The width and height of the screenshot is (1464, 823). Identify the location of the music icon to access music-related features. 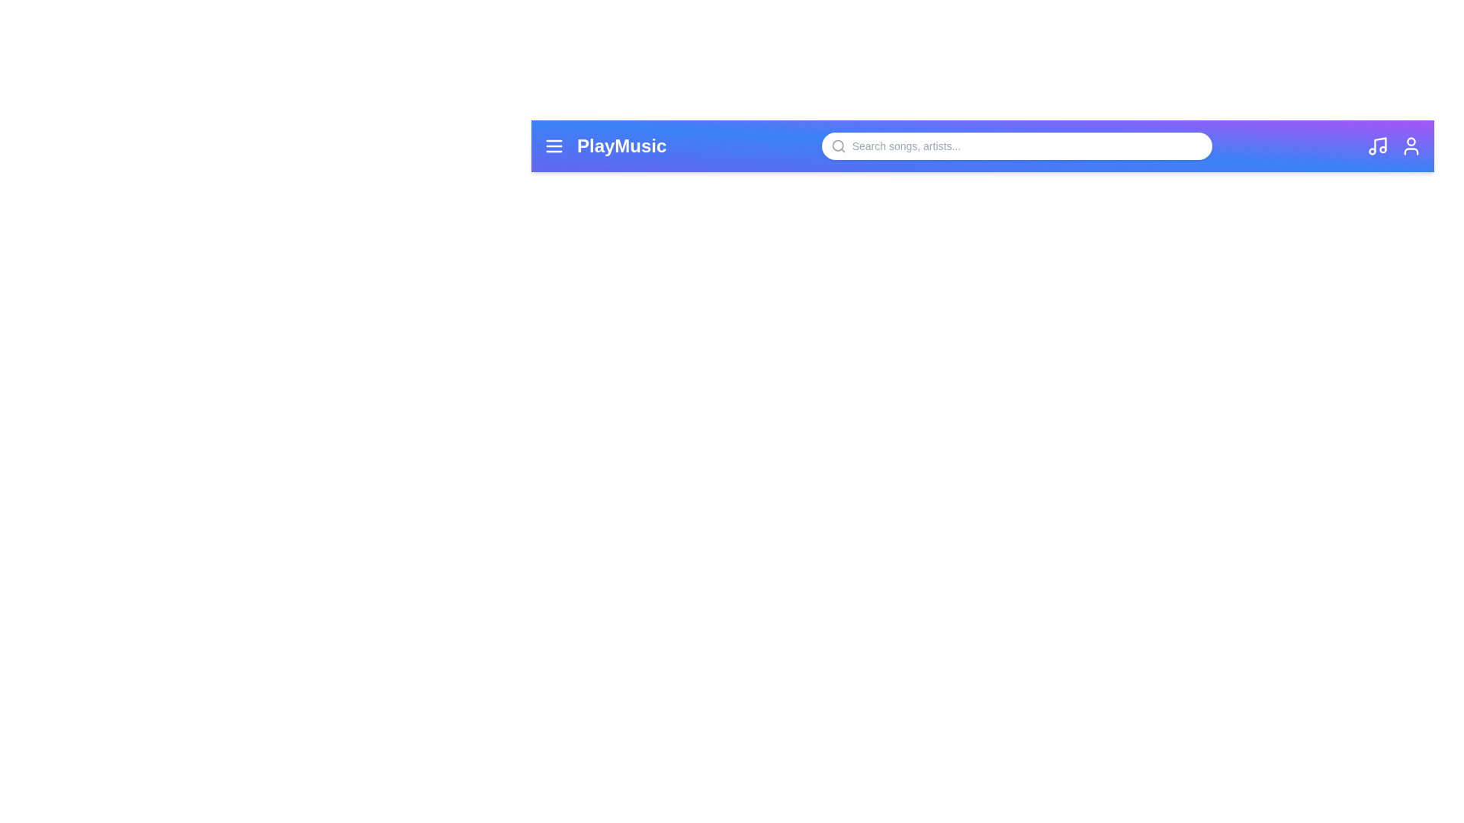
(1377, 146).